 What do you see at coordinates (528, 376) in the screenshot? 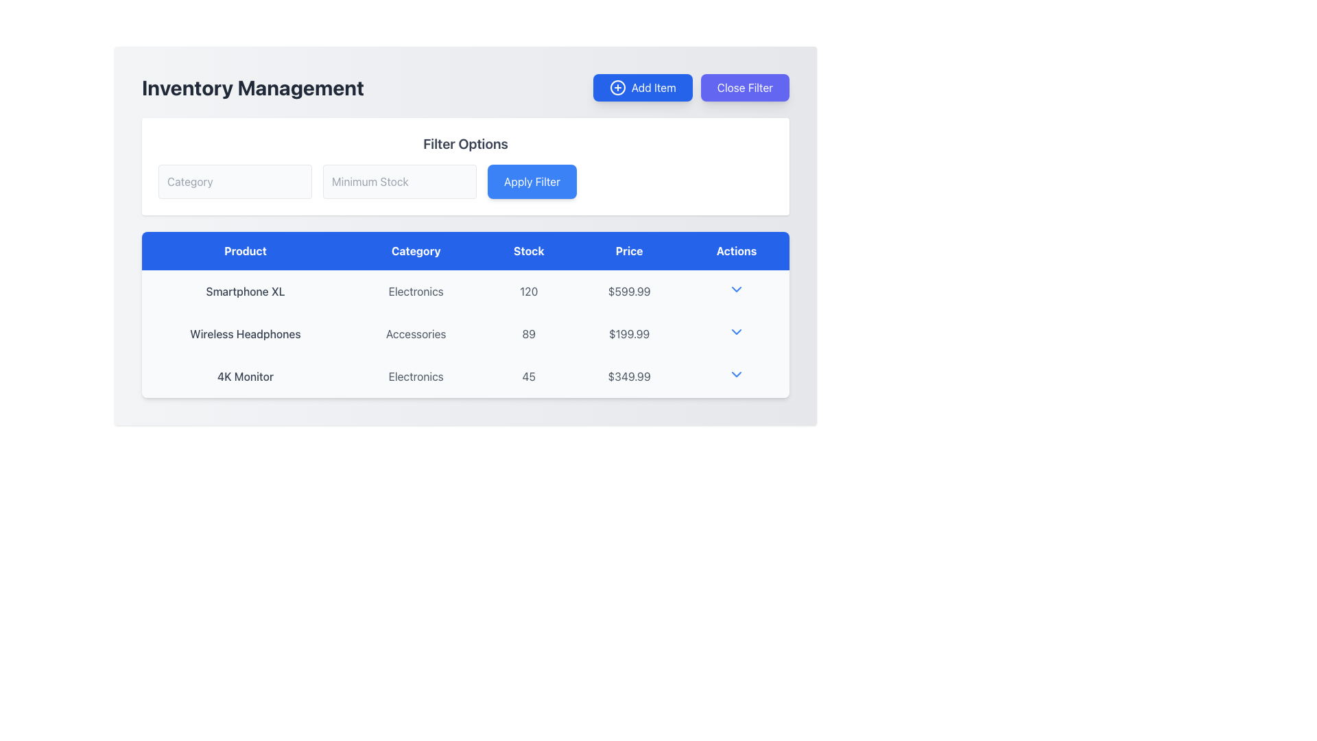
I see `stock quantity text component located in the third row of the table under the 'Stock' column, which indicates that there are 45 items available for the '4K Monitor'` at bounding box center [528, 376].